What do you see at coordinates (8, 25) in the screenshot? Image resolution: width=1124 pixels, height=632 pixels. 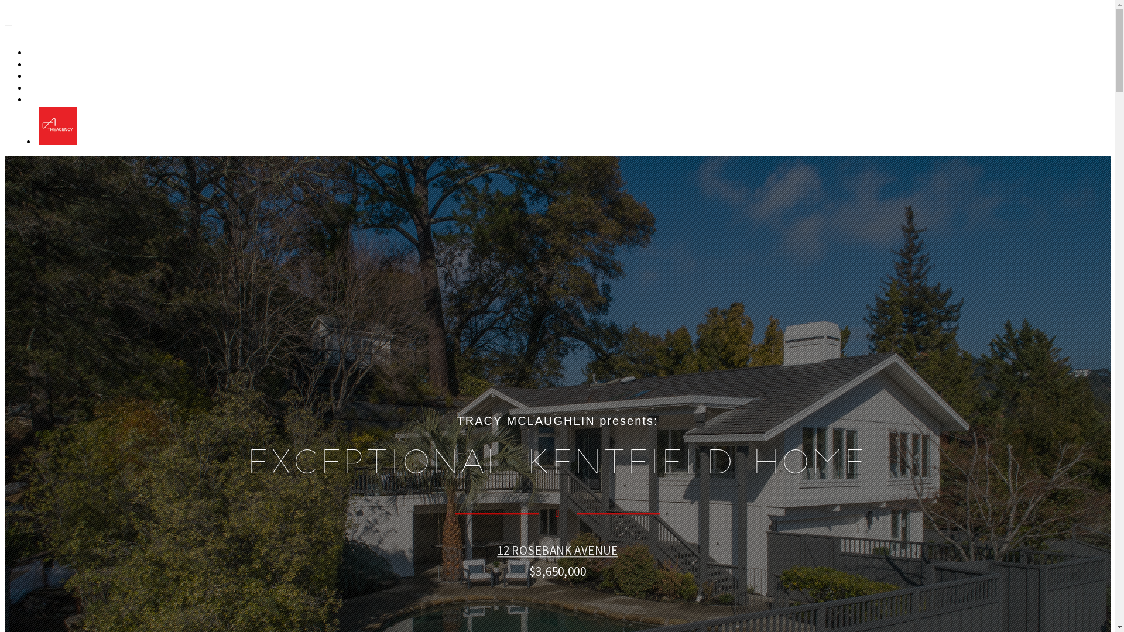 I see `'Toggle navigation'` at bounding box center [8, 25].